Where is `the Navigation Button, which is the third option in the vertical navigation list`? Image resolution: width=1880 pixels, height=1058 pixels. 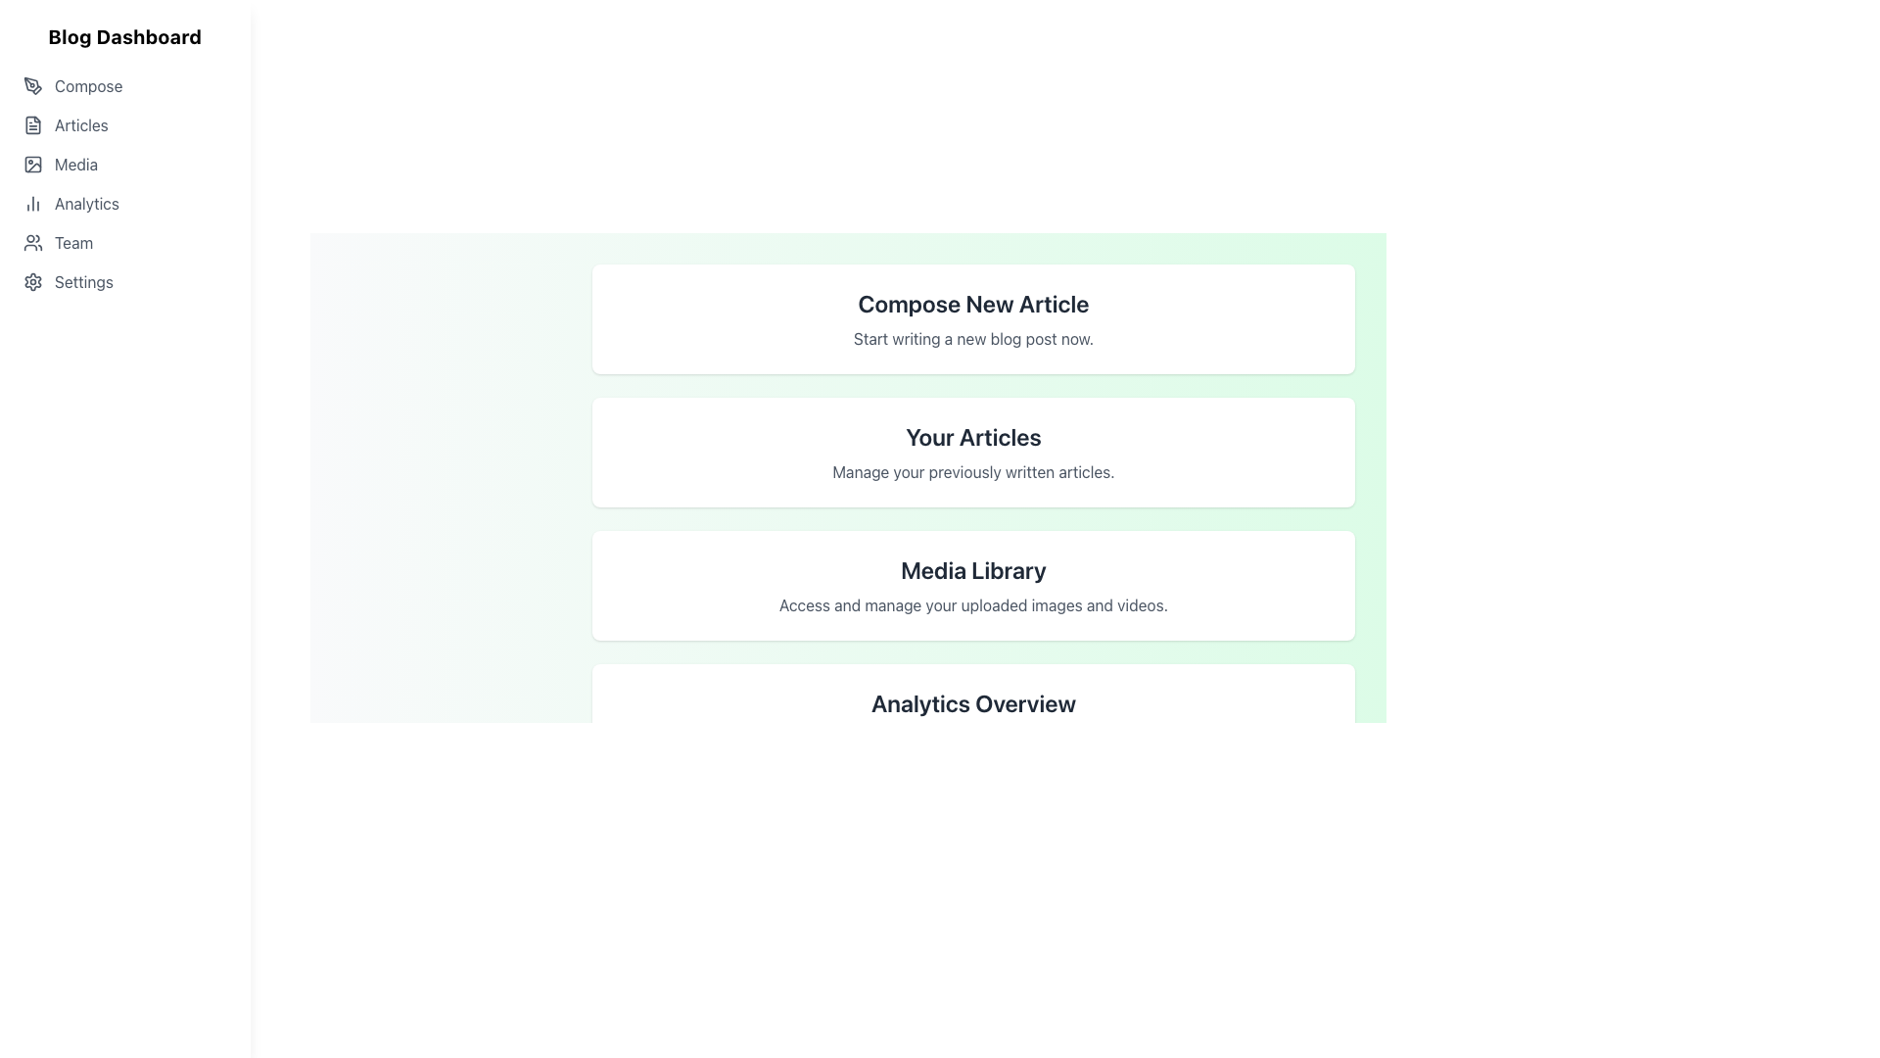
the Navigation Button, which is the third option in the vertical navigation list is located at coordinates (124, 164).